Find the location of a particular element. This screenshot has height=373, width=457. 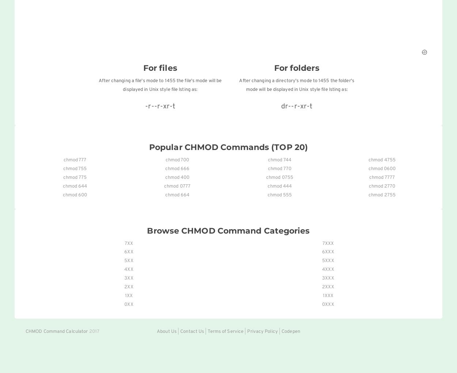

'2017' is located at coordinates (87, 331).